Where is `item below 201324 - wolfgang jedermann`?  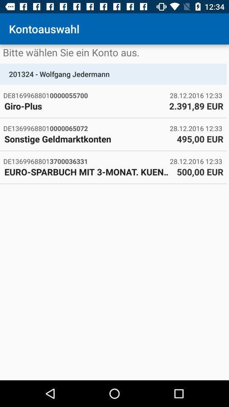
item below 201324 - wolfgang jedermann is located at coordinates (86, 95).